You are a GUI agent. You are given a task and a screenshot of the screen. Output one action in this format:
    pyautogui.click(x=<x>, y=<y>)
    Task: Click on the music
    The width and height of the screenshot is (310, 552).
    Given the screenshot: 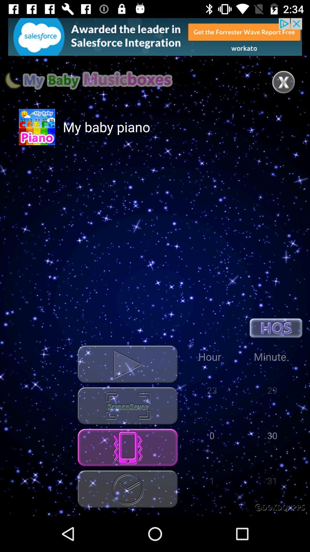 What is the action you would take?
    pyautogui.click(x=127, y=364)
    